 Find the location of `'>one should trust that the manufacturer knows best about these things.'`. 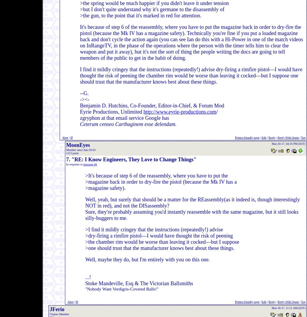

'>one should trust that the manufacturer knows best about these things.' is located at coordinates (159, 248).